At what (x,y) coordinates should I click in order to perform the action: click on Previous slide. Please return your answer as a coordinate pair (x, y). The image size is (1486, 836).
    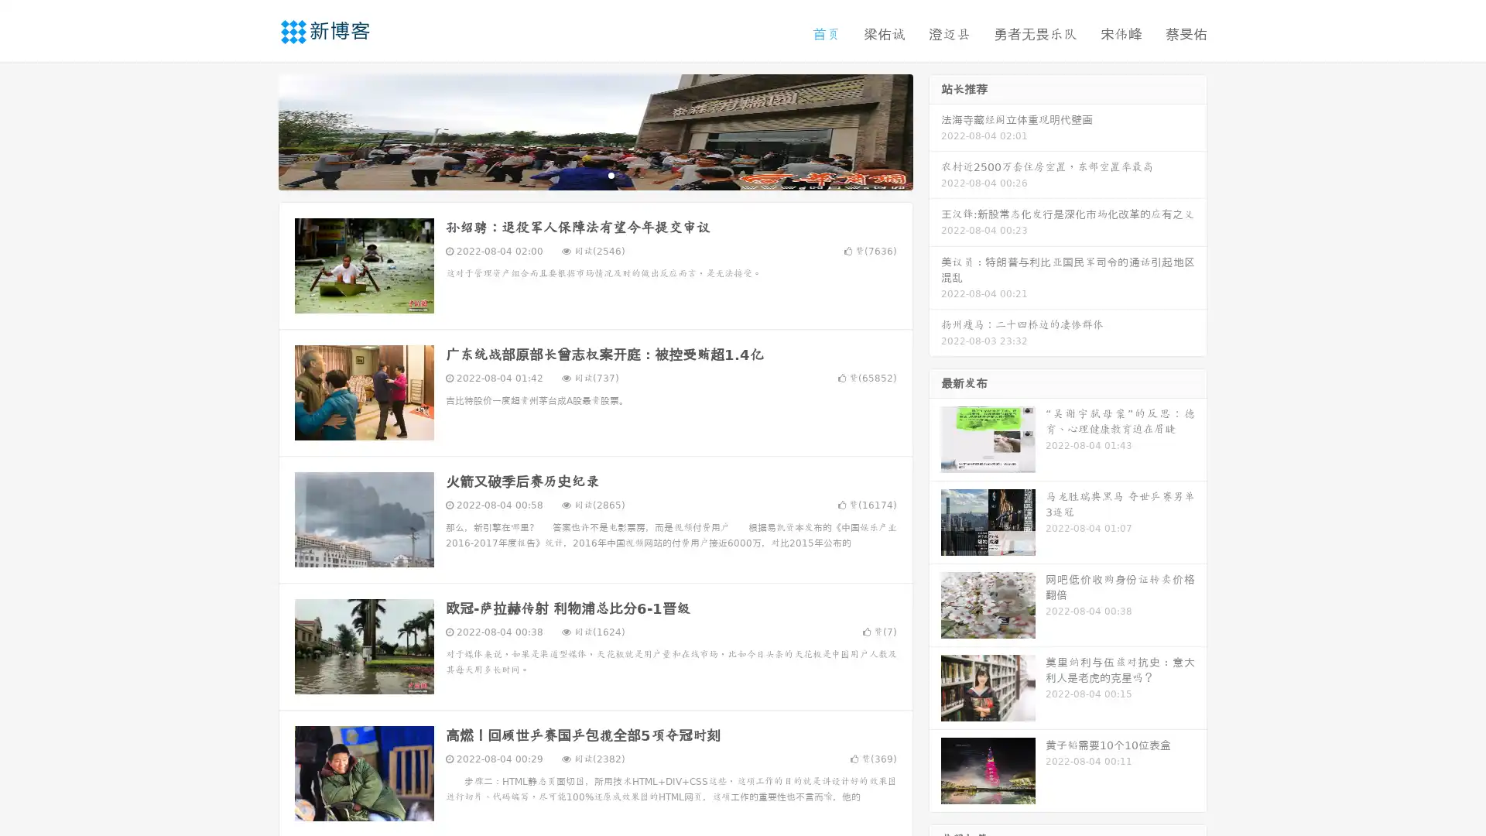
    Looking at the image, I should click on (255, 130).